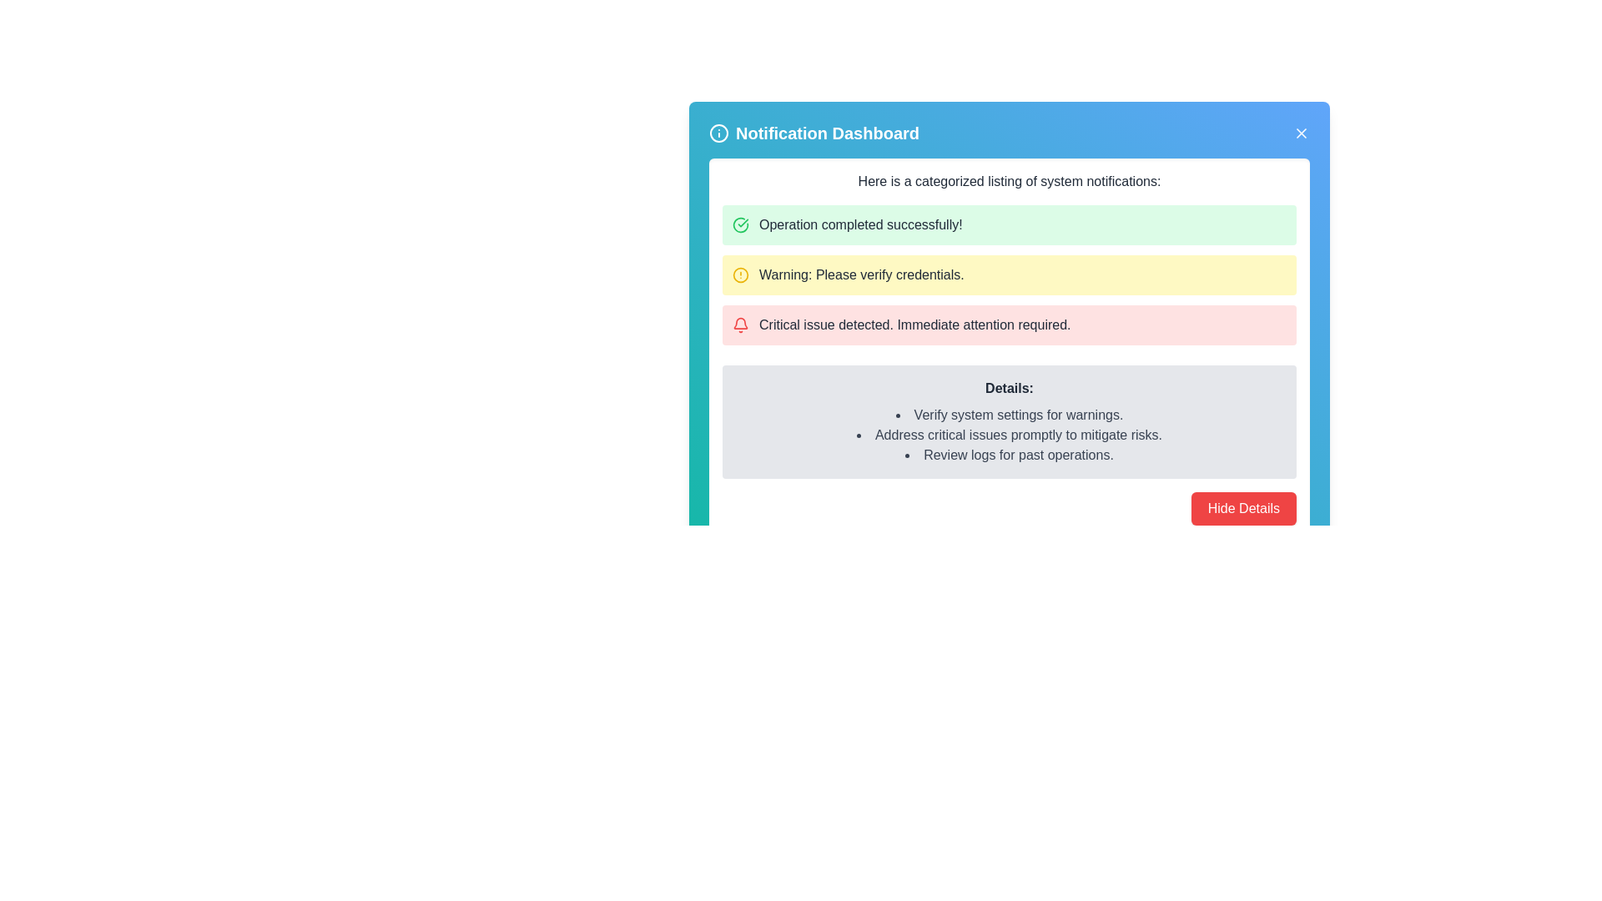 This screenshot has height=901, width=1602. What do you see at coordinates (740, 274) in the screenshot?
I see `the yellow circular outline of the warning icon in the second notification entry` at bounding box center [740, 274].